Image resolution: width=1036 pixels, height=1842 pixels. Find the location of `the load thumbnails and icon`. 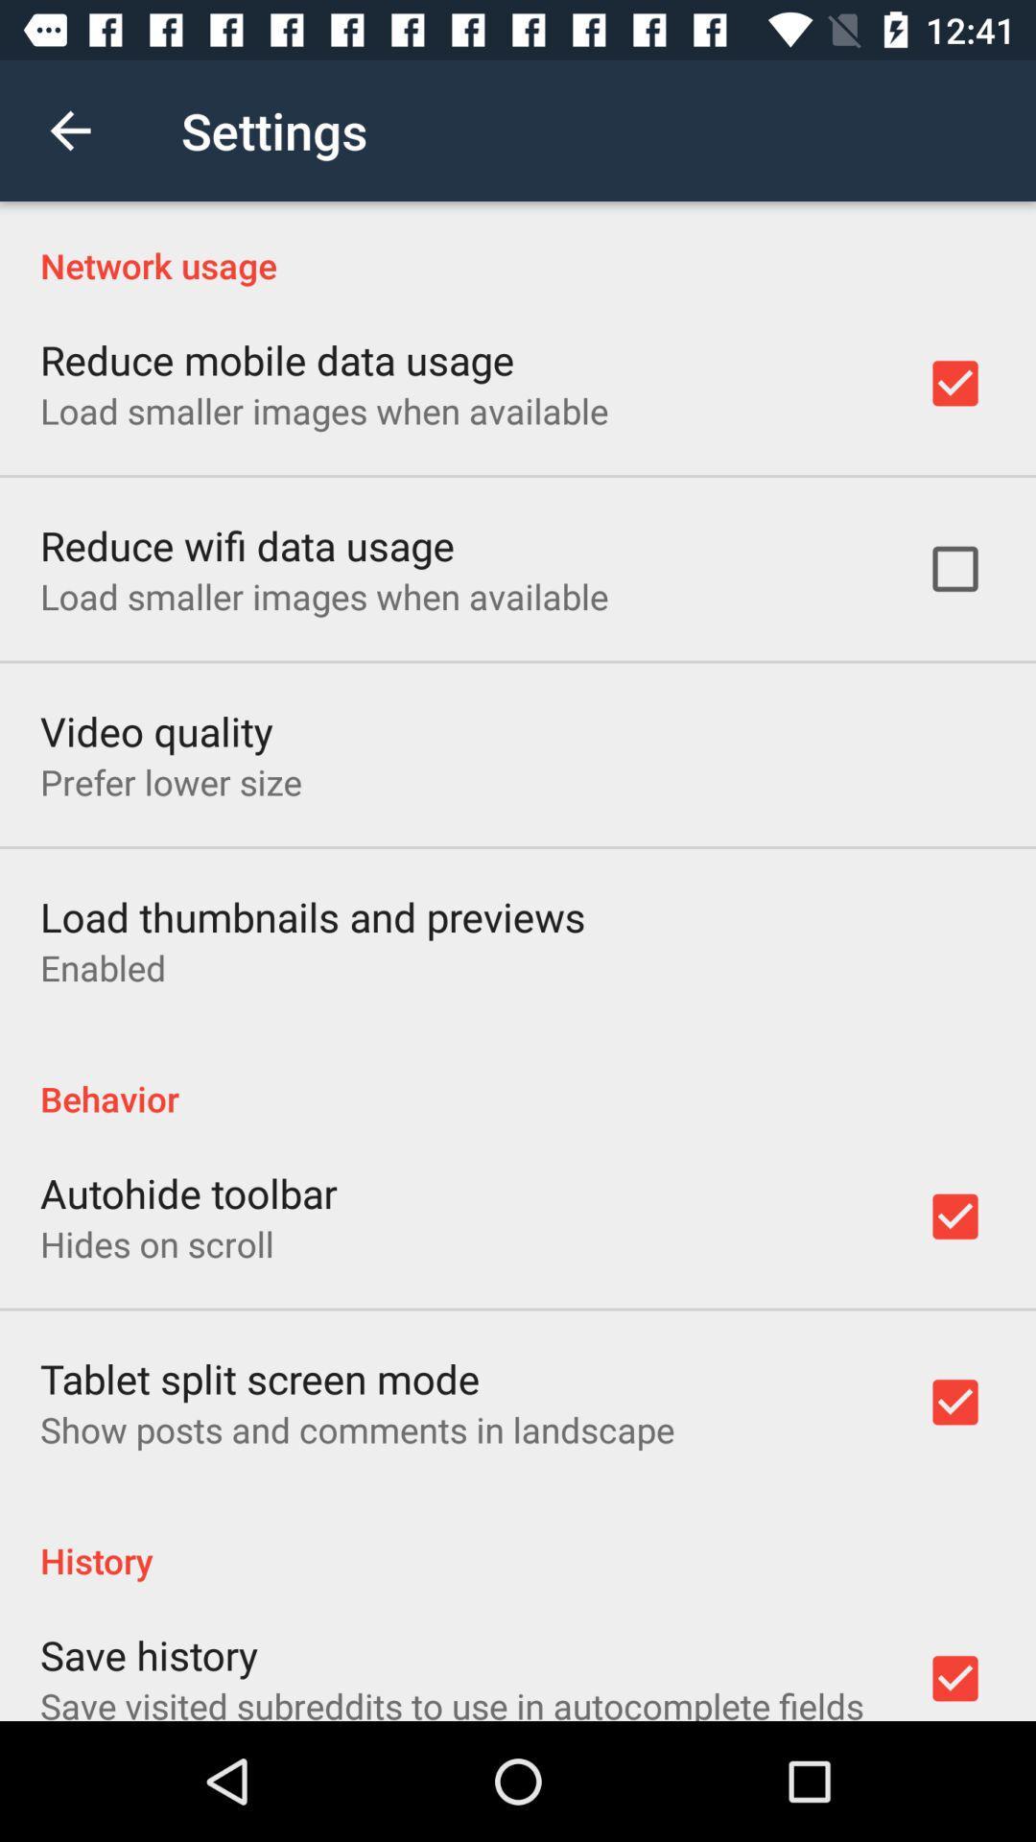

the load thumbnails and icon is located at coordinates (312, 915).